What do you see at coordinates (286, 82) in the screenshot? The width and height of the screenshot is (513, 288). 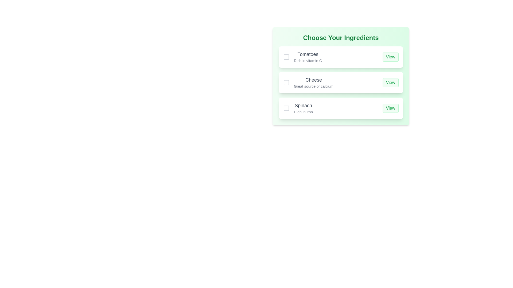 I see `the checkbox located to the left of the 'Cheese' label in the 'Choose Your Ingredients' list` at bounding box center [286, 82].